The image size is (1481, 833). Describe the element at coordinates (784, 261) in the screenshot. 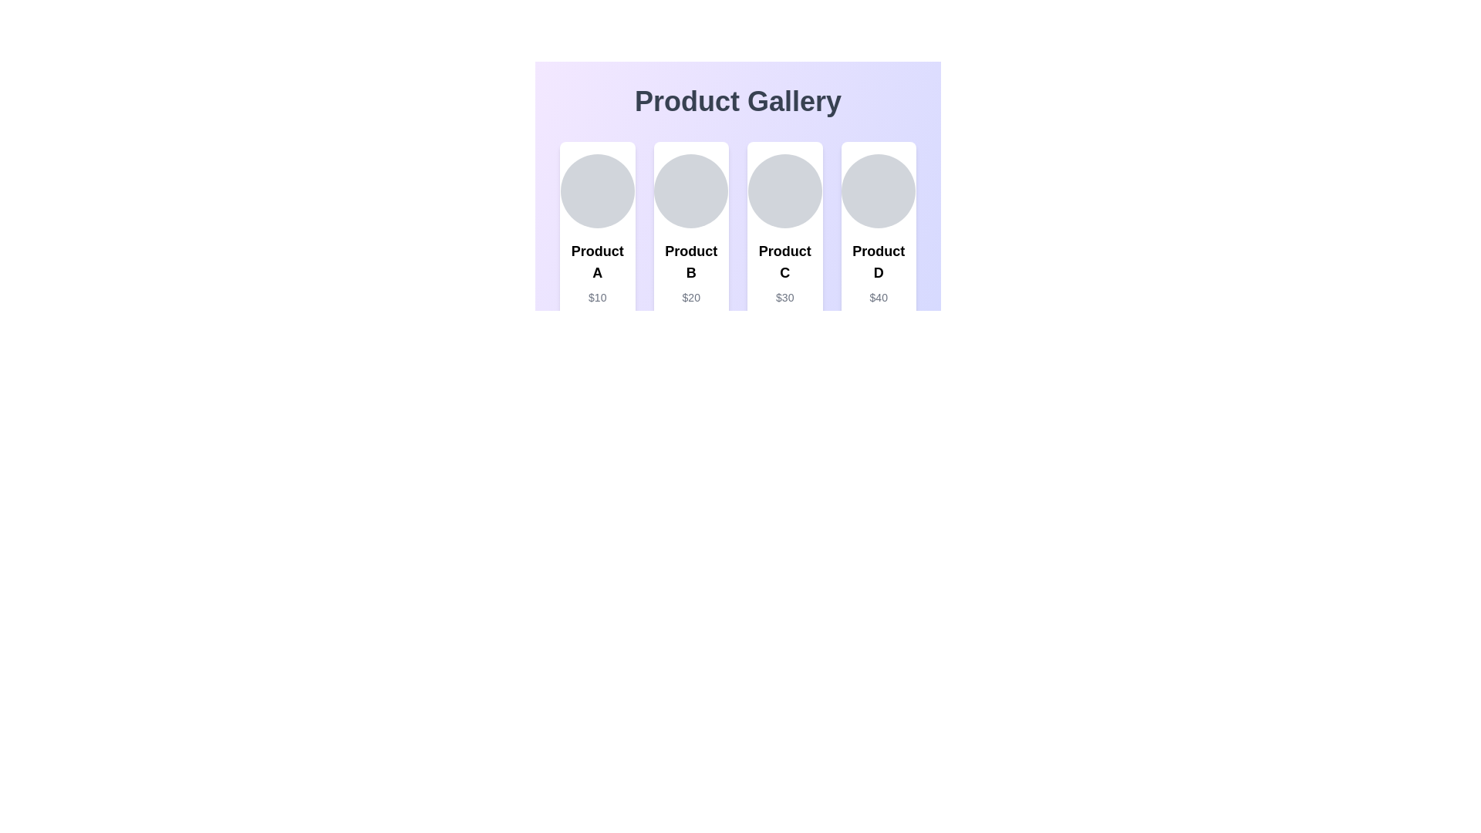

I see `the text label displaying the product name, located in the third column of product cards, positioned under a circular placeholder and above the price text '$30'` at that location.